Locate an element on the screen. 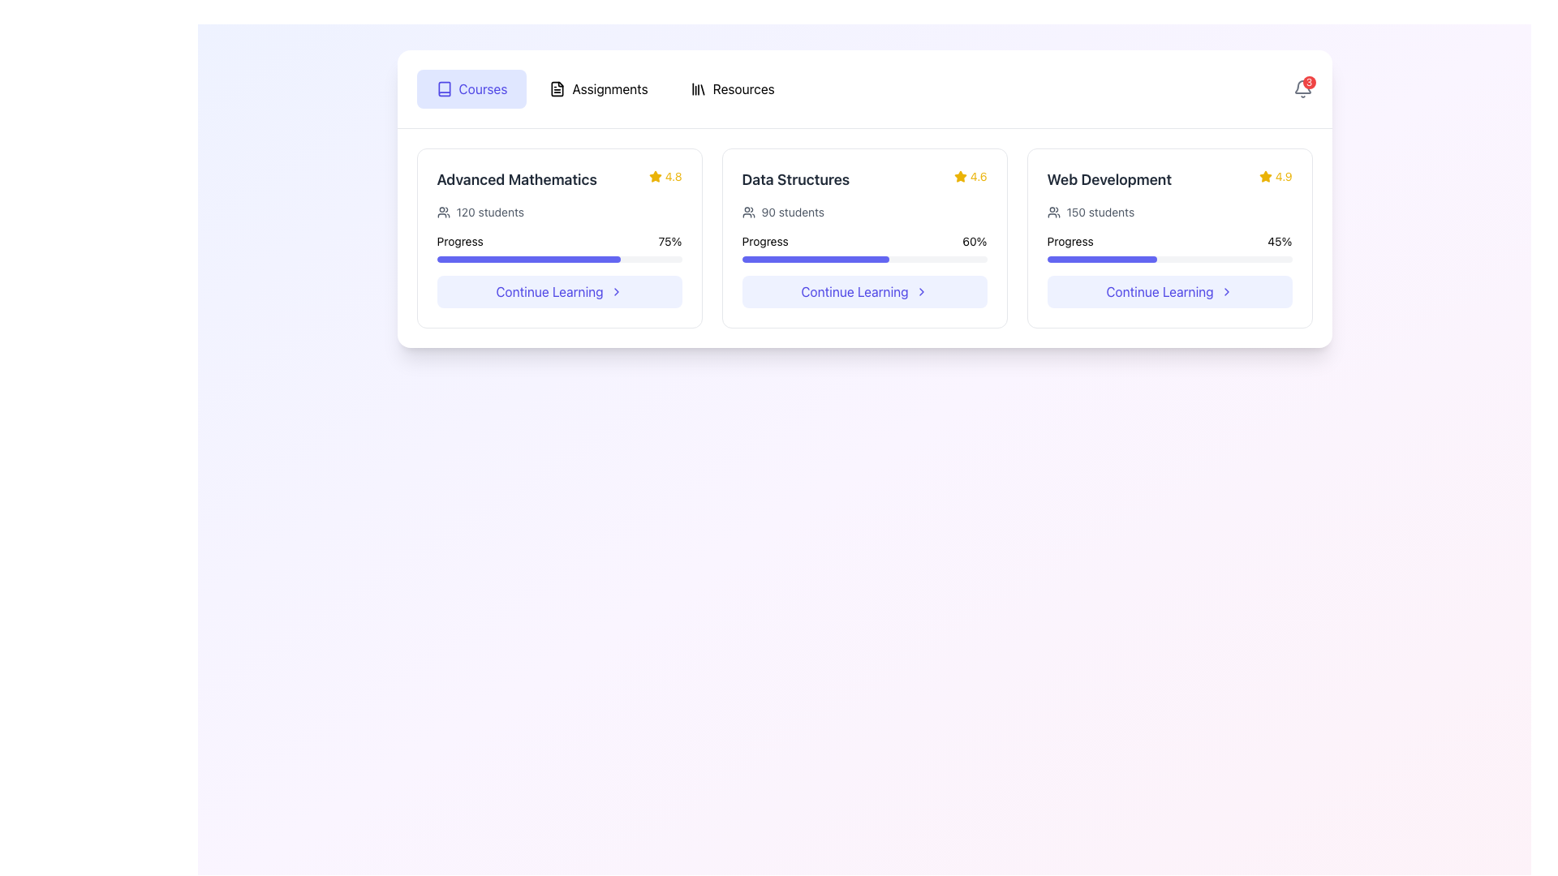  displayed rating from the Rating Display located in the upper-right corner of the 'Web Development' card, adjacent to the title text 'Web Development' is located at coordinates (1275, 177).